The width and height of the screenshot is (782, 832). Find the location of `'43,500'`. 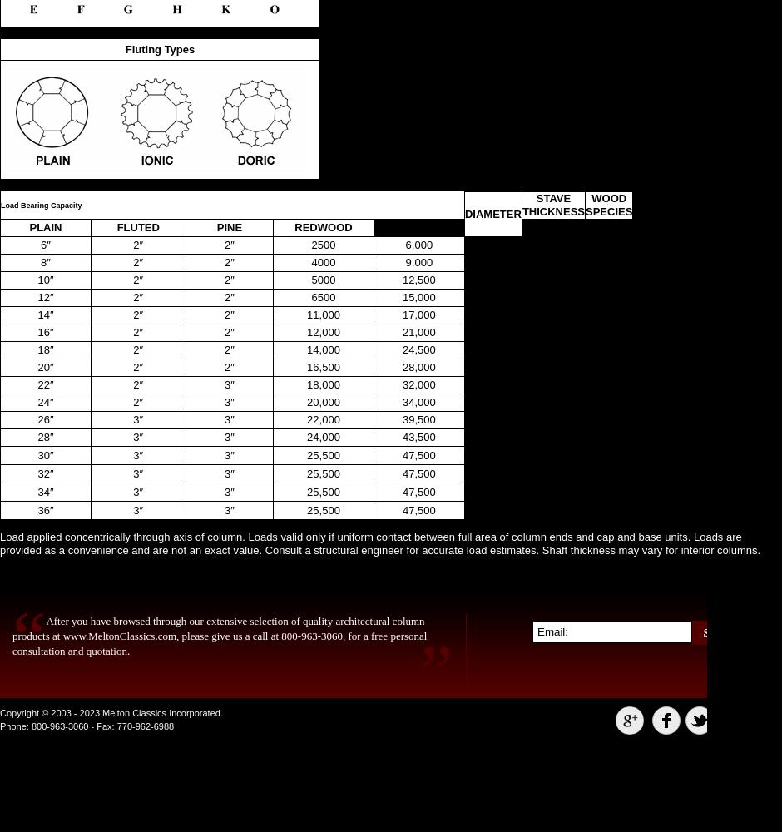

'43,500' is located at coordinates (418, 437).